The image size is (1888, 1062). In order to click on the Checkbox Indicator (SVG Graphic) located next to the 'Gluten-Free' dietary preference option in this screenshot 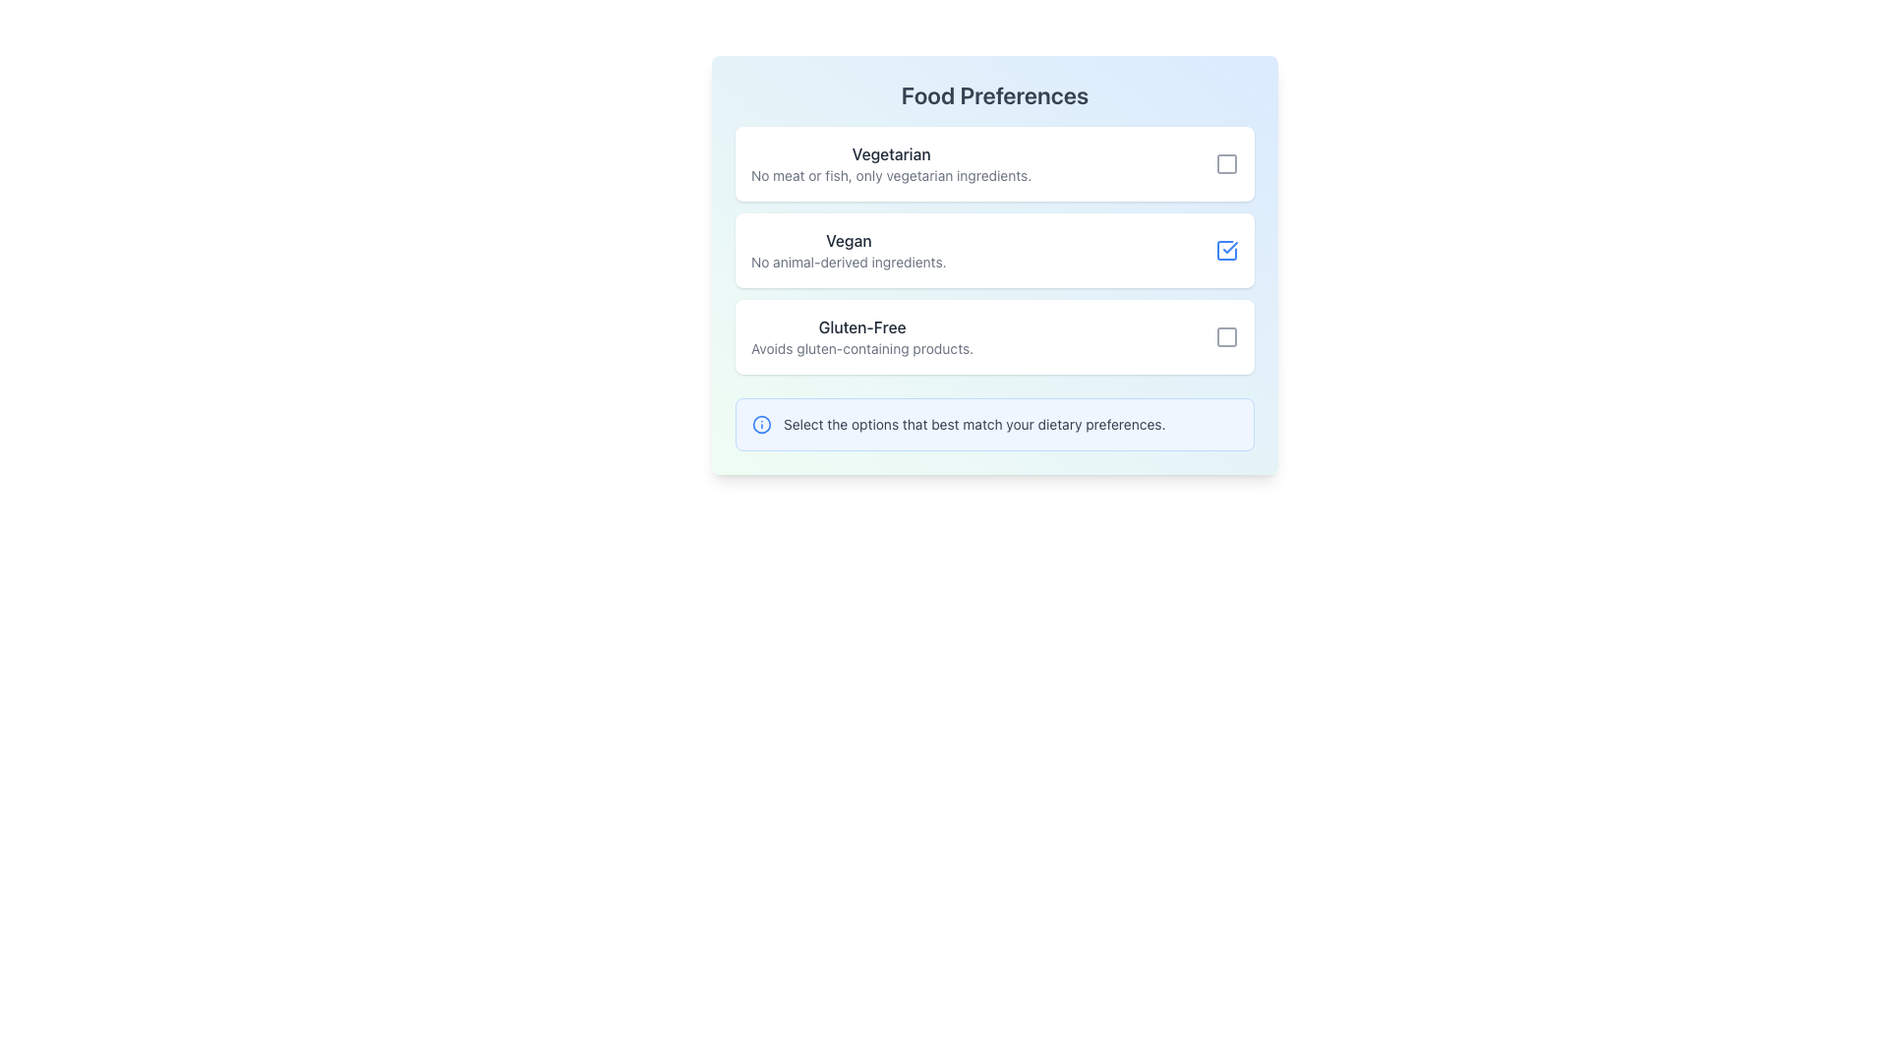, I will do `click(1226, 336)`.